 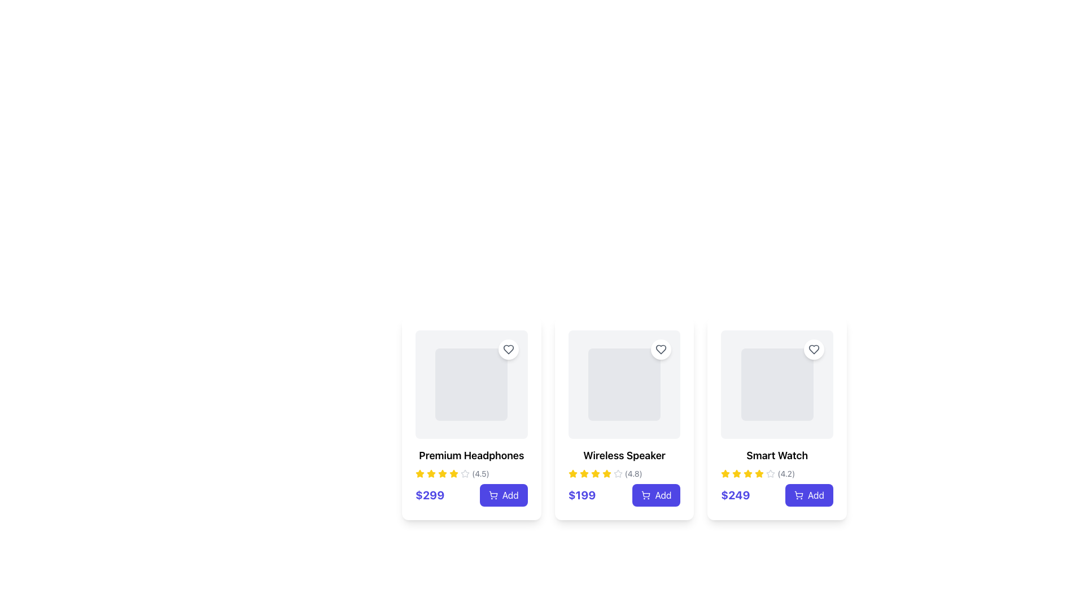 What do you see at coordinates (595, 474) in the screenshot?
I see `the fourth star icon in the rating scale for the 'Wireless Speaker' product card, which is visually represented by a yellow star with a five-pointed geometric shape` at bounding box center [595, 474].